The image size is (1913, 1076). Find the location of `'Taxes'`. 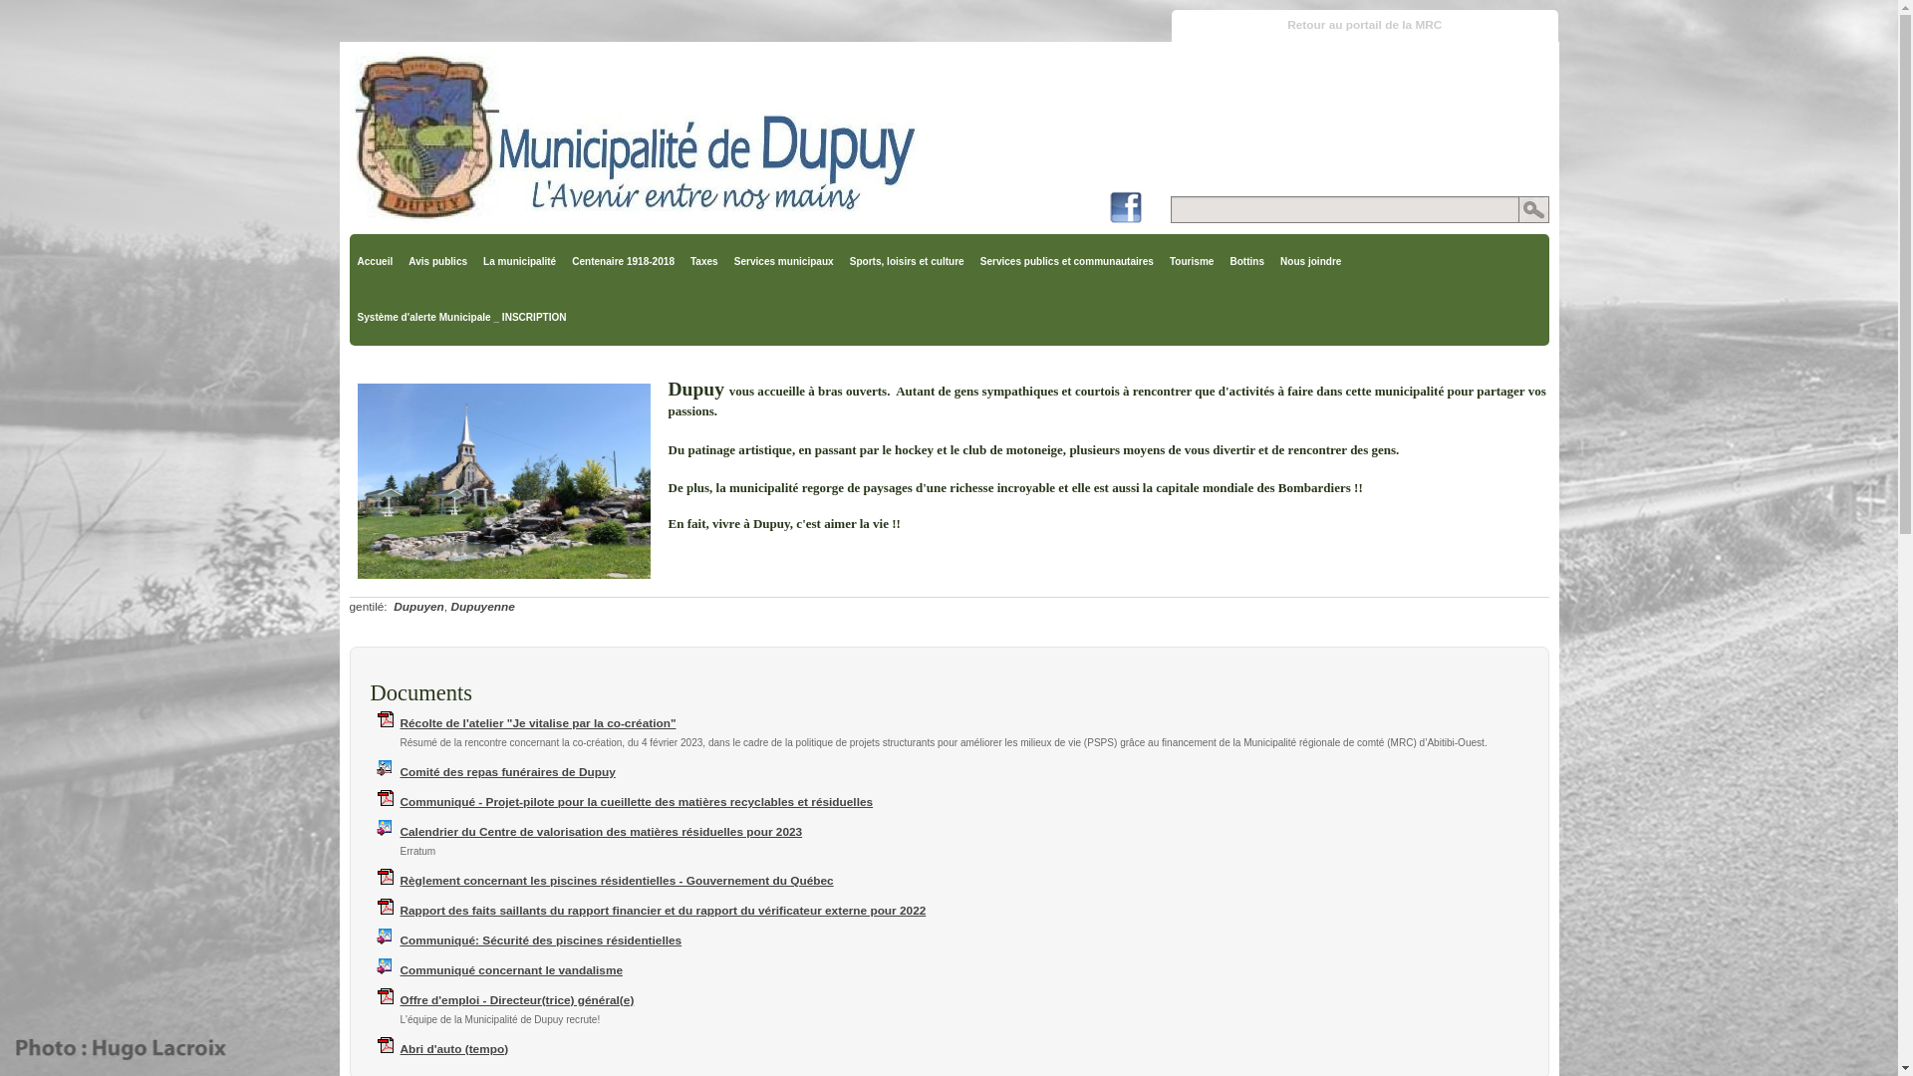

'Taxes' is located at coordinates (703, 260).